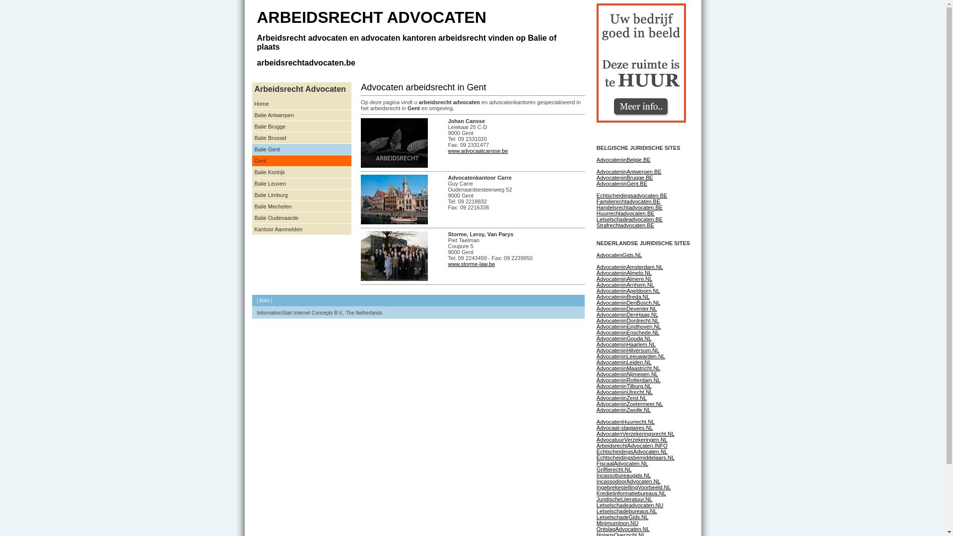  I want to click on 'AdvocateninDeventer.NL', so click(626, 308).